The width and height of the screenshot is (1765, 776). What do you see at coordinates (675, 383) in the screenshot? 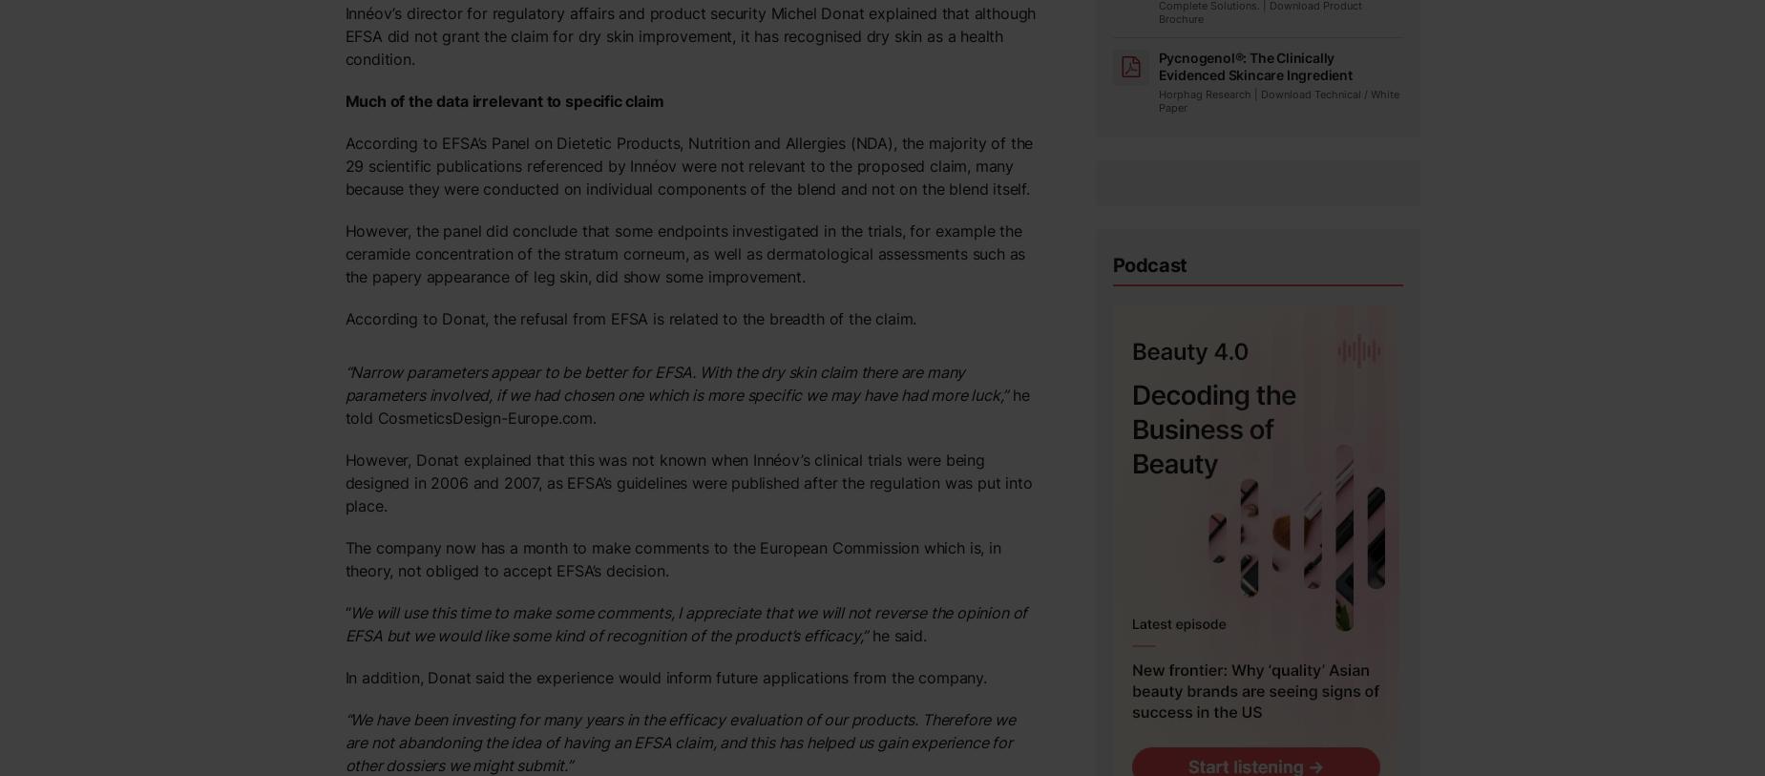
I see `'“Narrow parameters appear to be better for EFSA. With the dry skin claim there are many parameters involved, if we had chosen one which is more specific we may have had more luck,”'` at bounding box center [675, 383].